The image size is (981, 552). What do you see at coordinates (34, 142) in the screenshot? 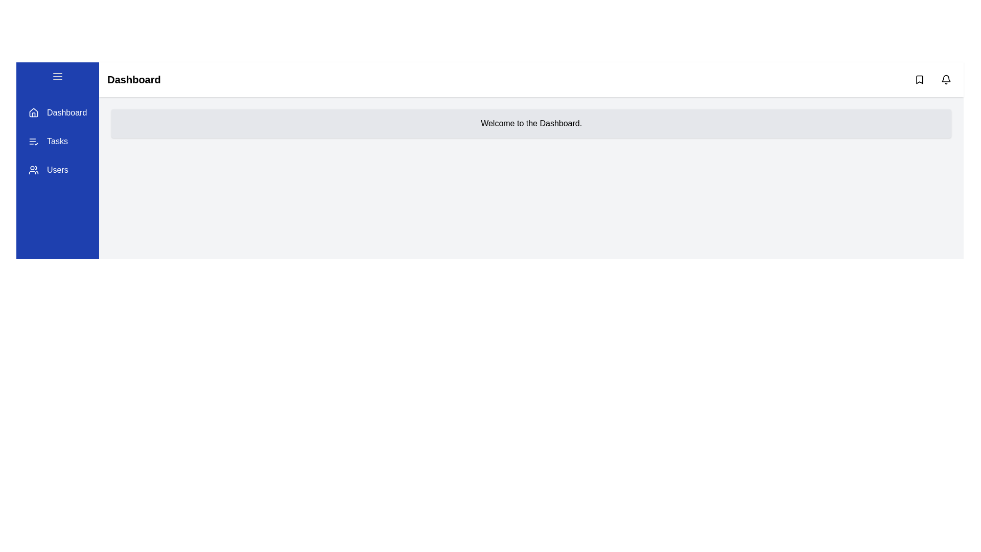
I see `the 'Tasks' graphic icon located in the vertical navigation panel on the left side, positioned as the second icon below the 'Dashboard' icon` at bounding box center [34, 142].